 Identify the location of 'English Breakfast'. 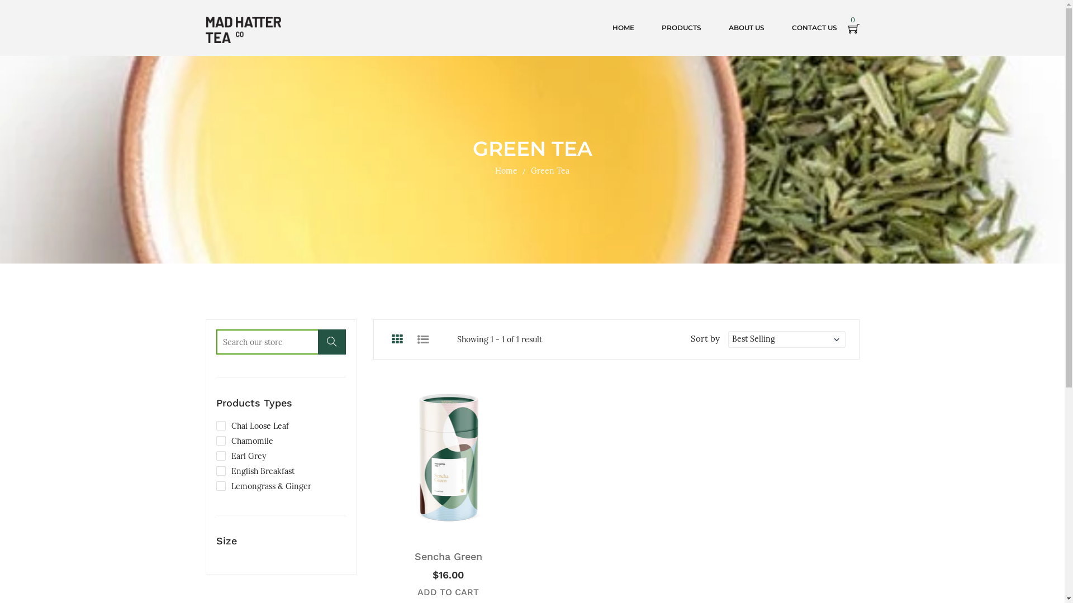
(254, 471).